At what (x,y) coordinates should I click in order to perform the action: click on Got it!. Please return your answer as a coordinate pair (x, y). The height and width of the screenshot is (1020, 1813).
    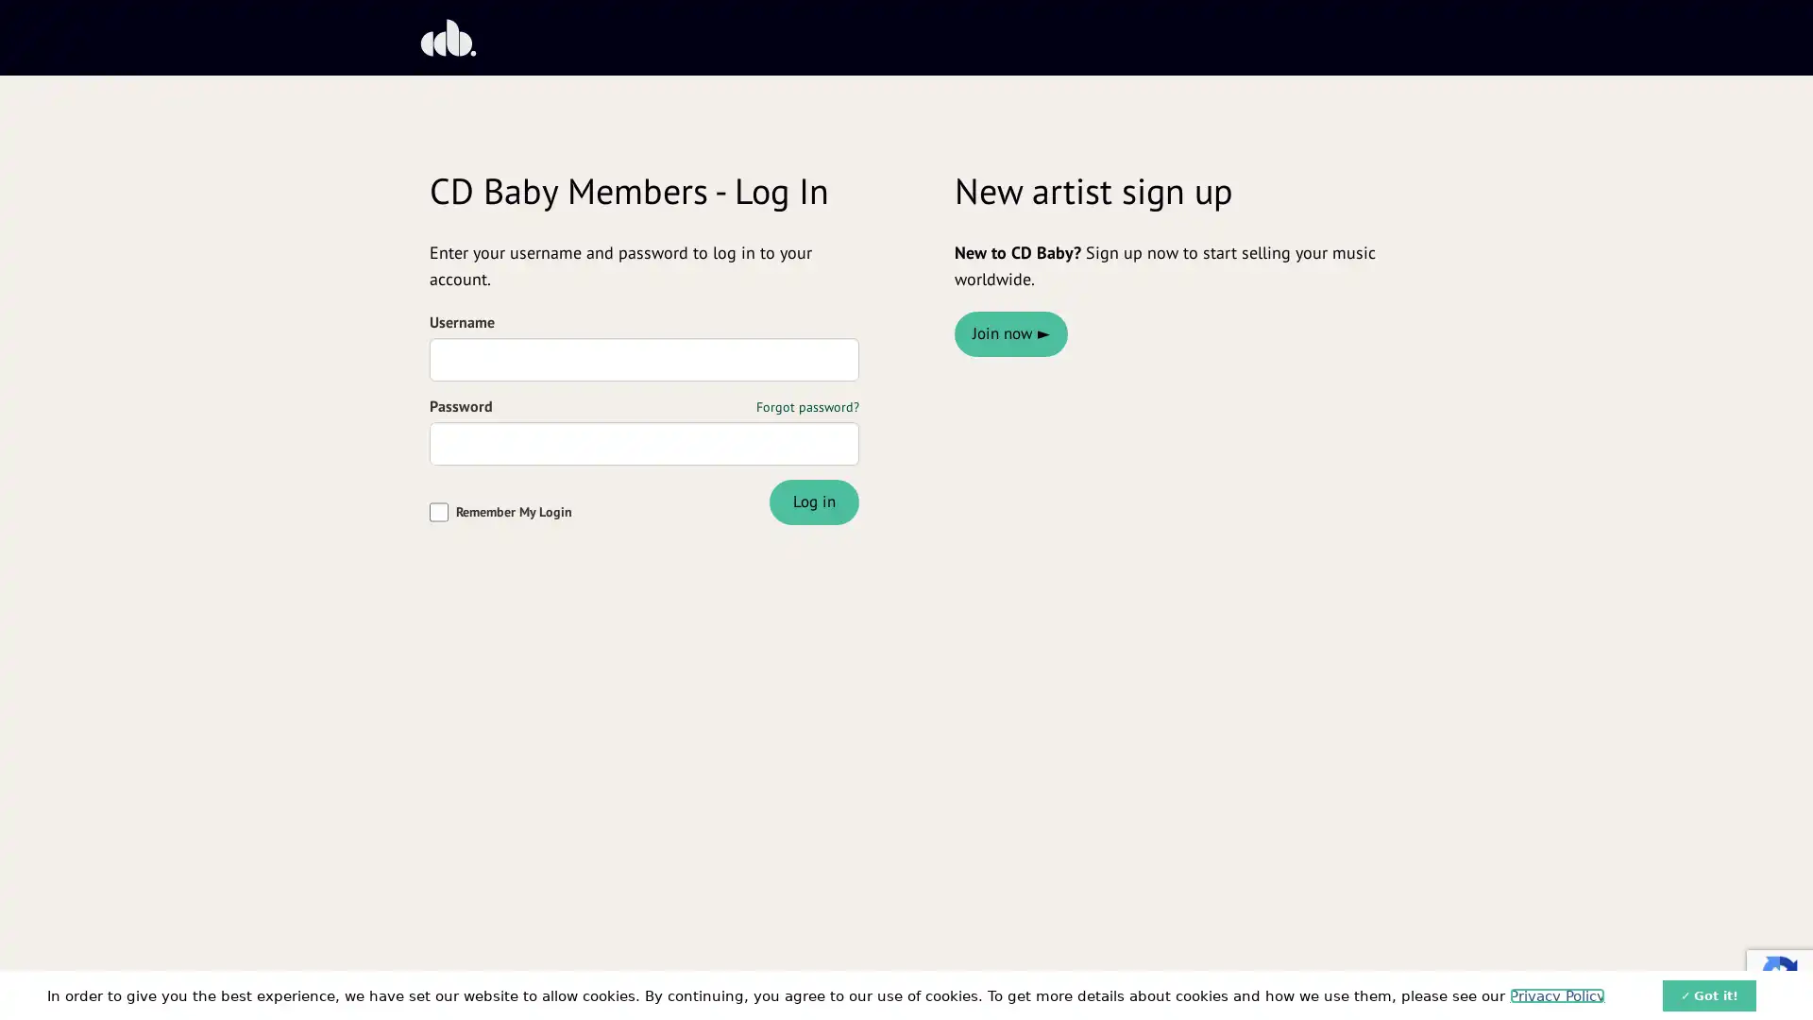
    Looking at the image, I should click on (1709, 994).